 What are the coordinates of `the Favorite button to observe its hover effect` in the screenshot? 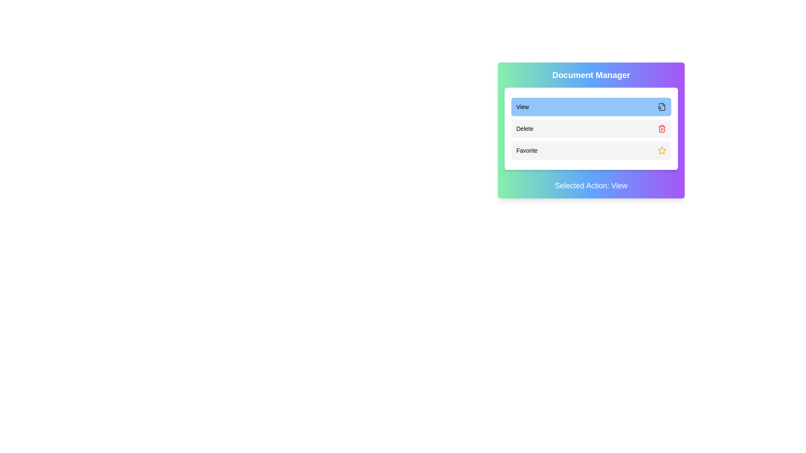 It's located at (591, 150).